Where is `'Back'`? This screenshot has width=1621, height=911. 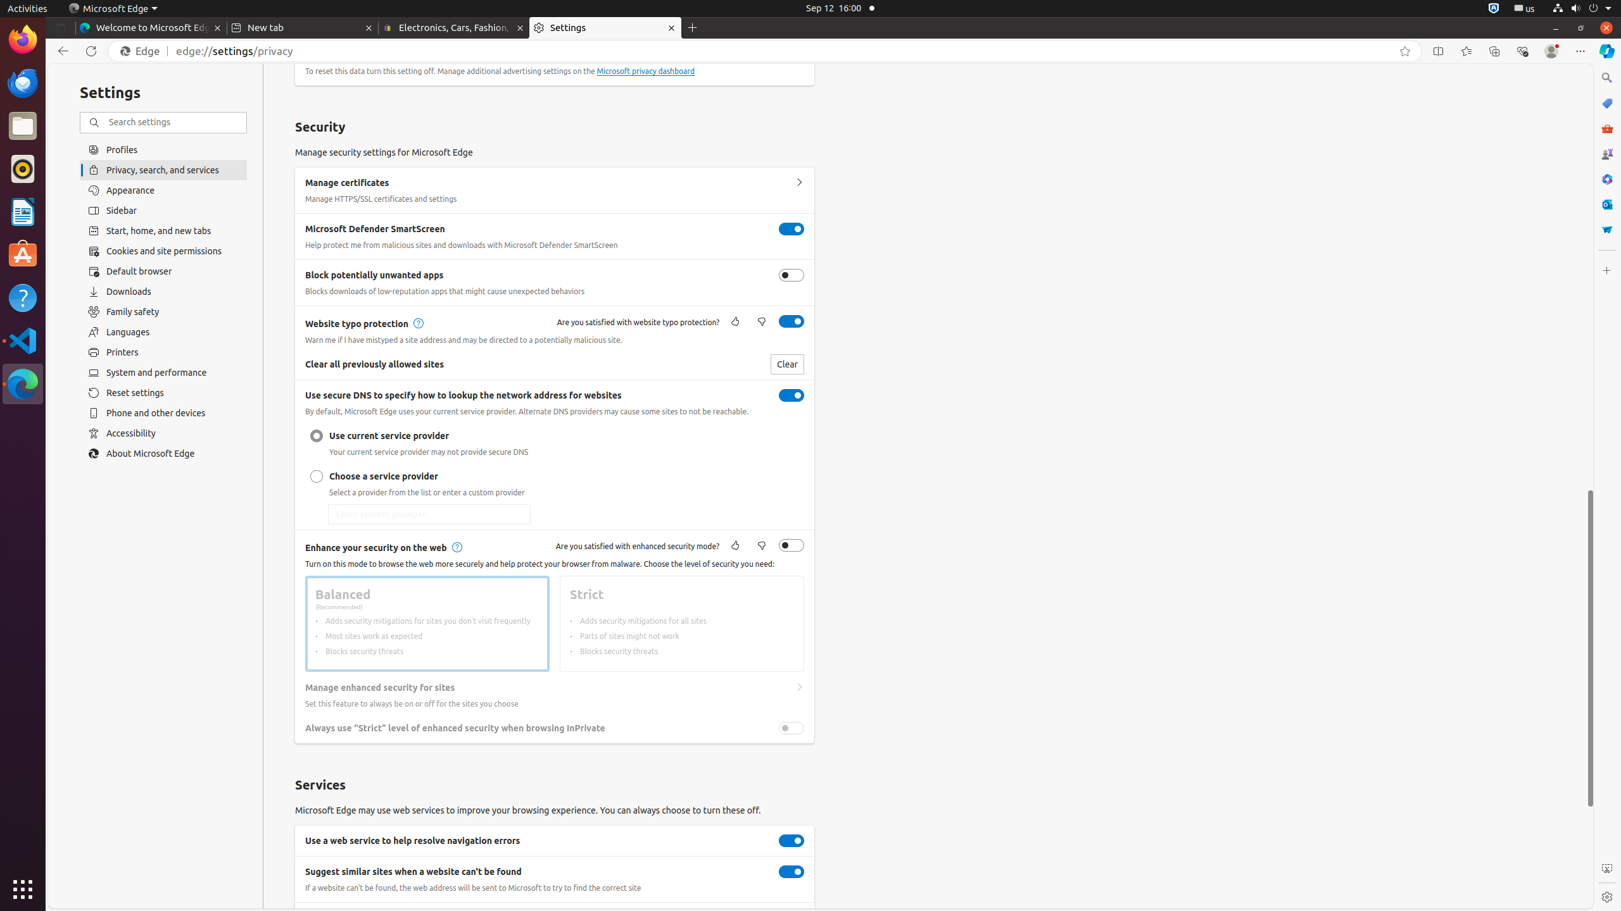 'Back' is located at coordinates (60, 51).